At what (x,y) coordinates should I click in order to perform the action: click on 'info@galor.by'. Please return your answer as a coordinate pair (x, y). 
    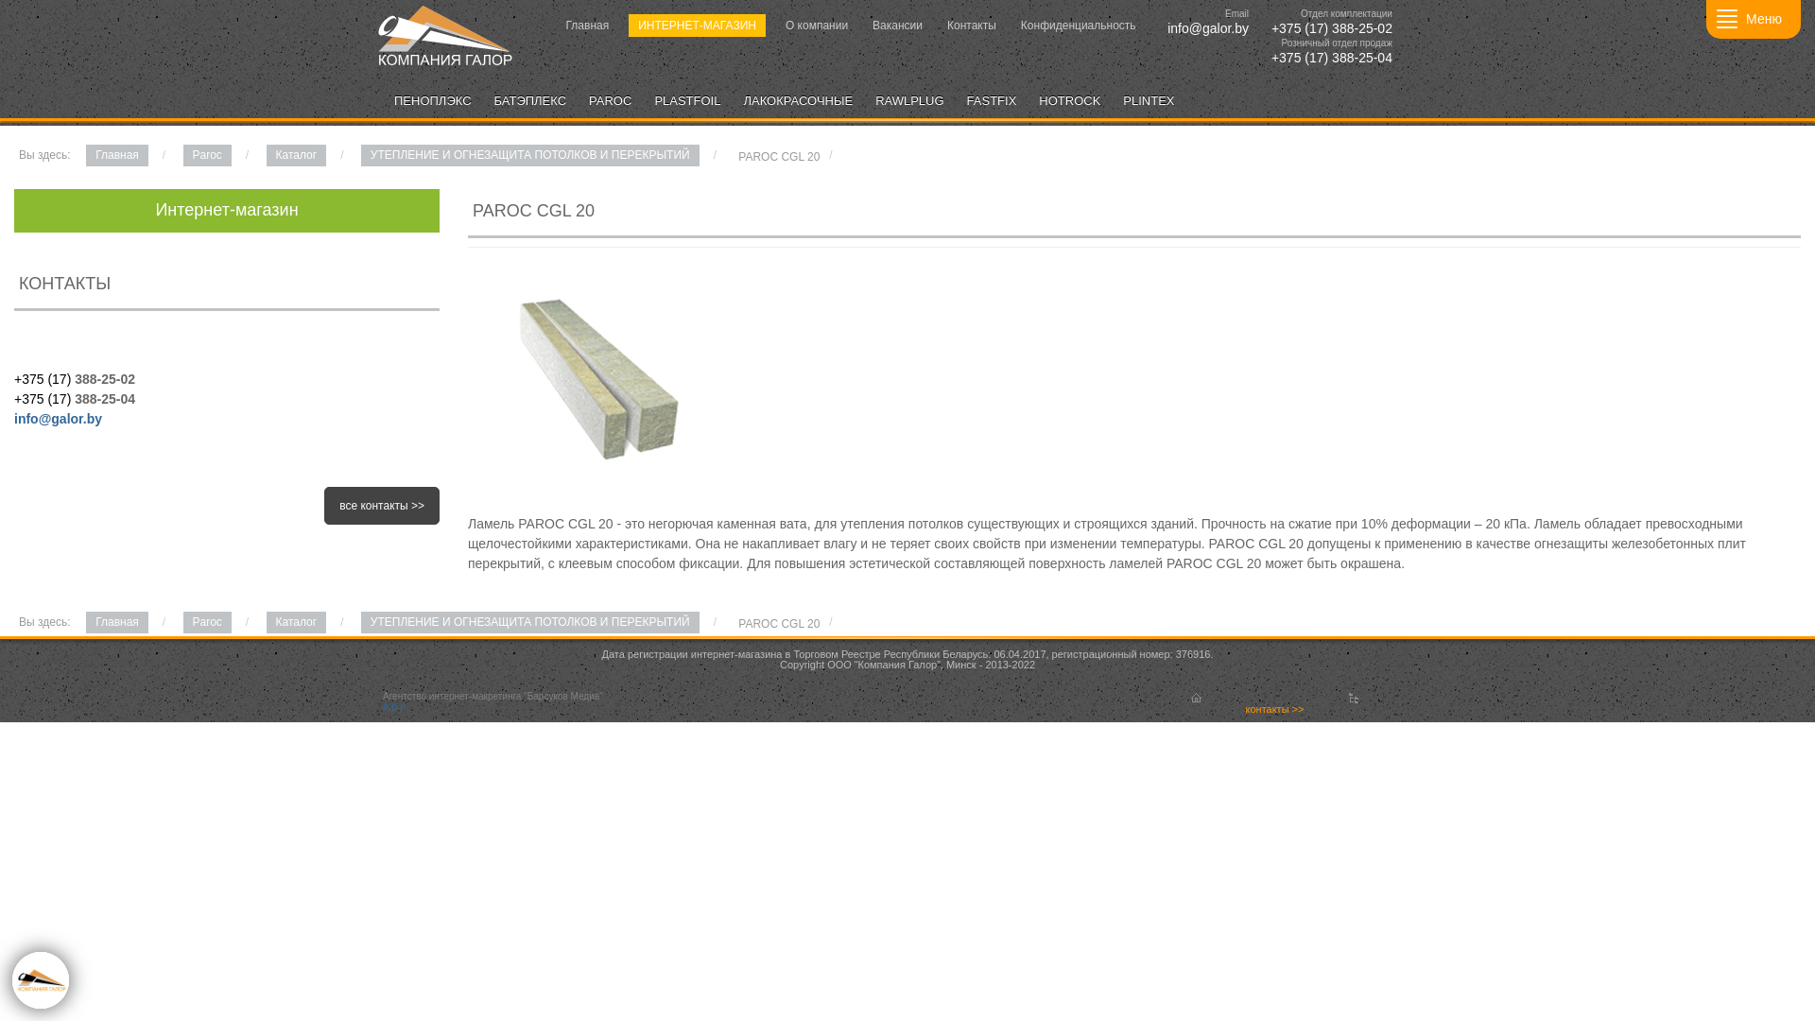
    Looking at the image, I should click on (58, 418).